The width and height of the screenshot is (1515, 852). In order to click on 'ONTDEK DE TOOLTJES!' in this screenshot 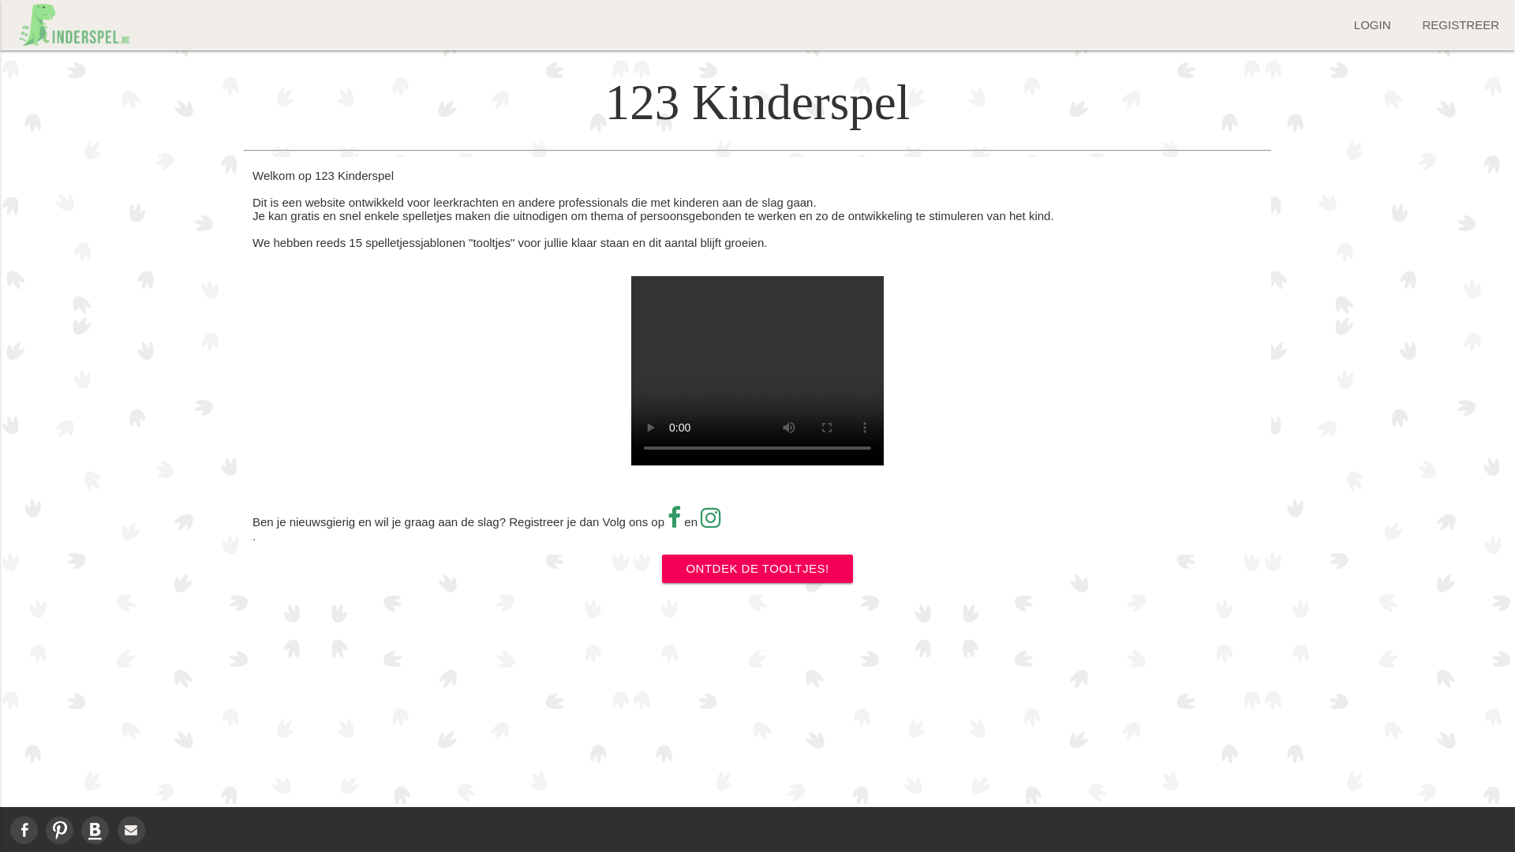, I will do `click(756, 569)`.